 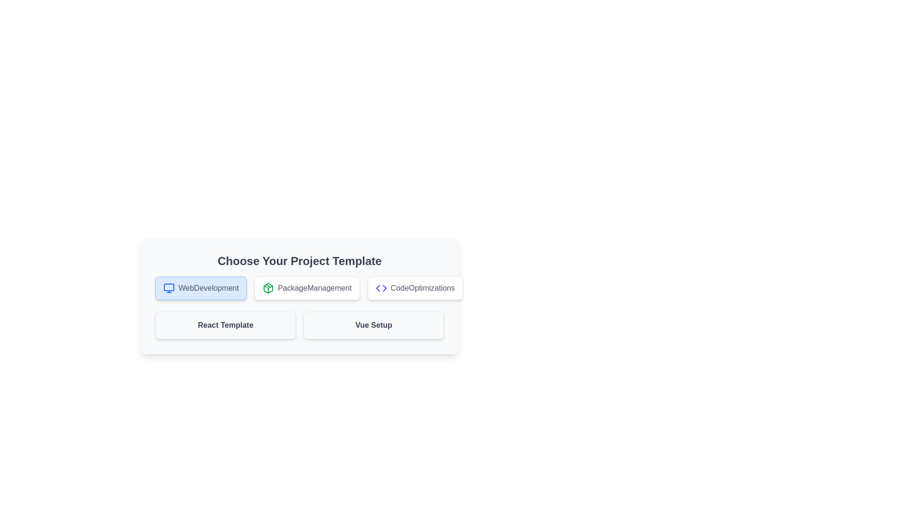 What do you see at coordinates (422, 287) in the screenshot?
I see `the text label for 'CodeOptimizations' located in the bottom row of the project template selection interface, specifically in the third column from the left` at bounding box center [422, 287].